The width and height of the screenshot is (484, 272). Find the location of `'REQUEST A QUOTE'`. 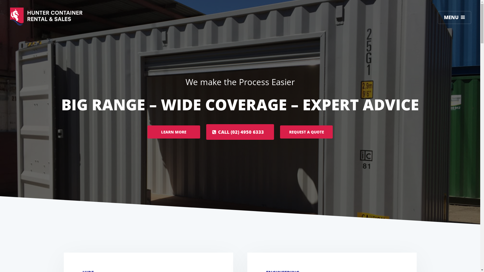

'REQUEST A QUOTE' is located at coordinates (306, 132).